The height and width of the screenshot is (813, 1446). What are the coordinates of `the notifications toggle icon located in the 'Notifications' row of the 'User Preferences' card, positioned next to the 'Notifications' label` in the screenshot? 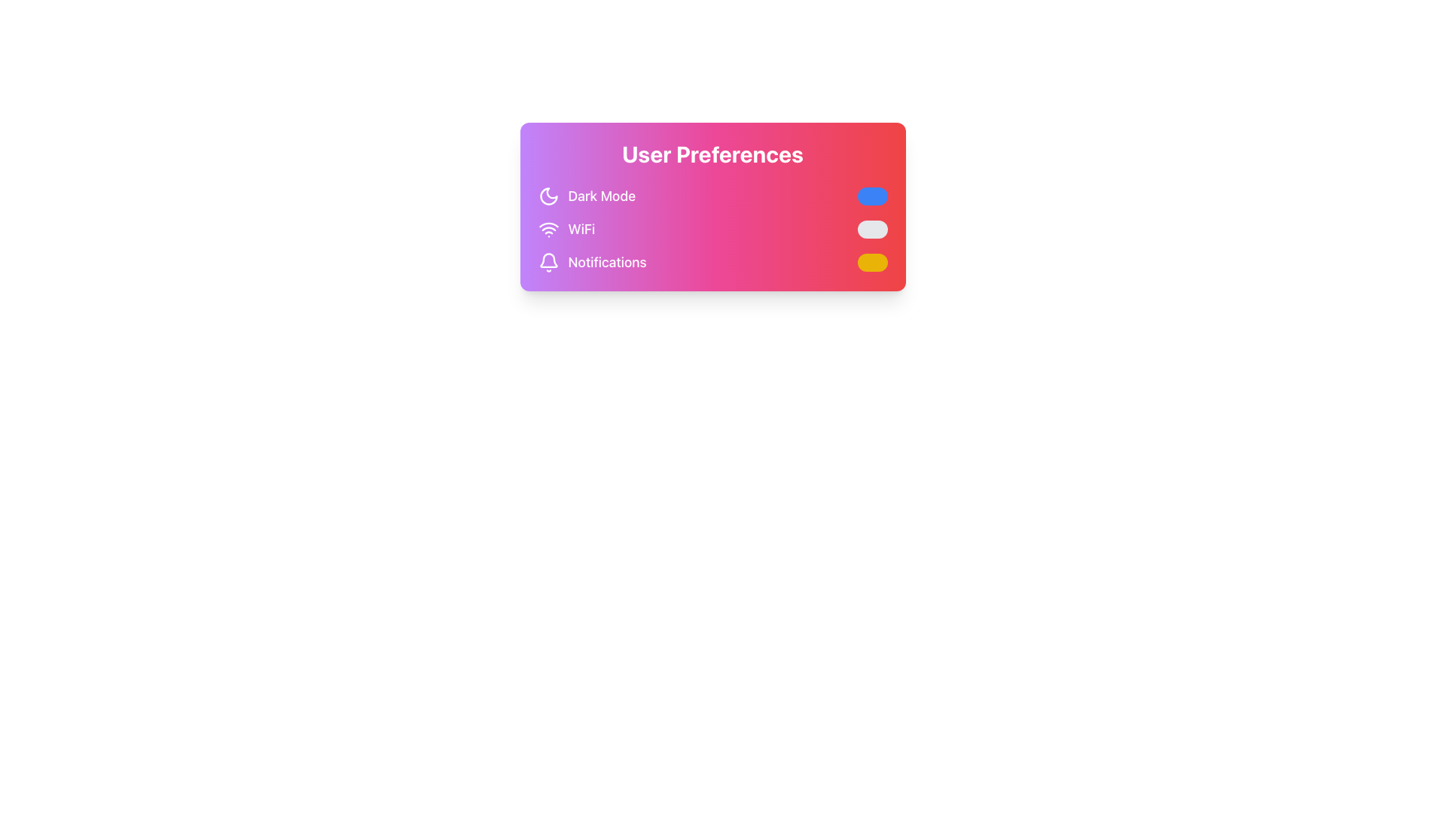 It's located at (548, 261).